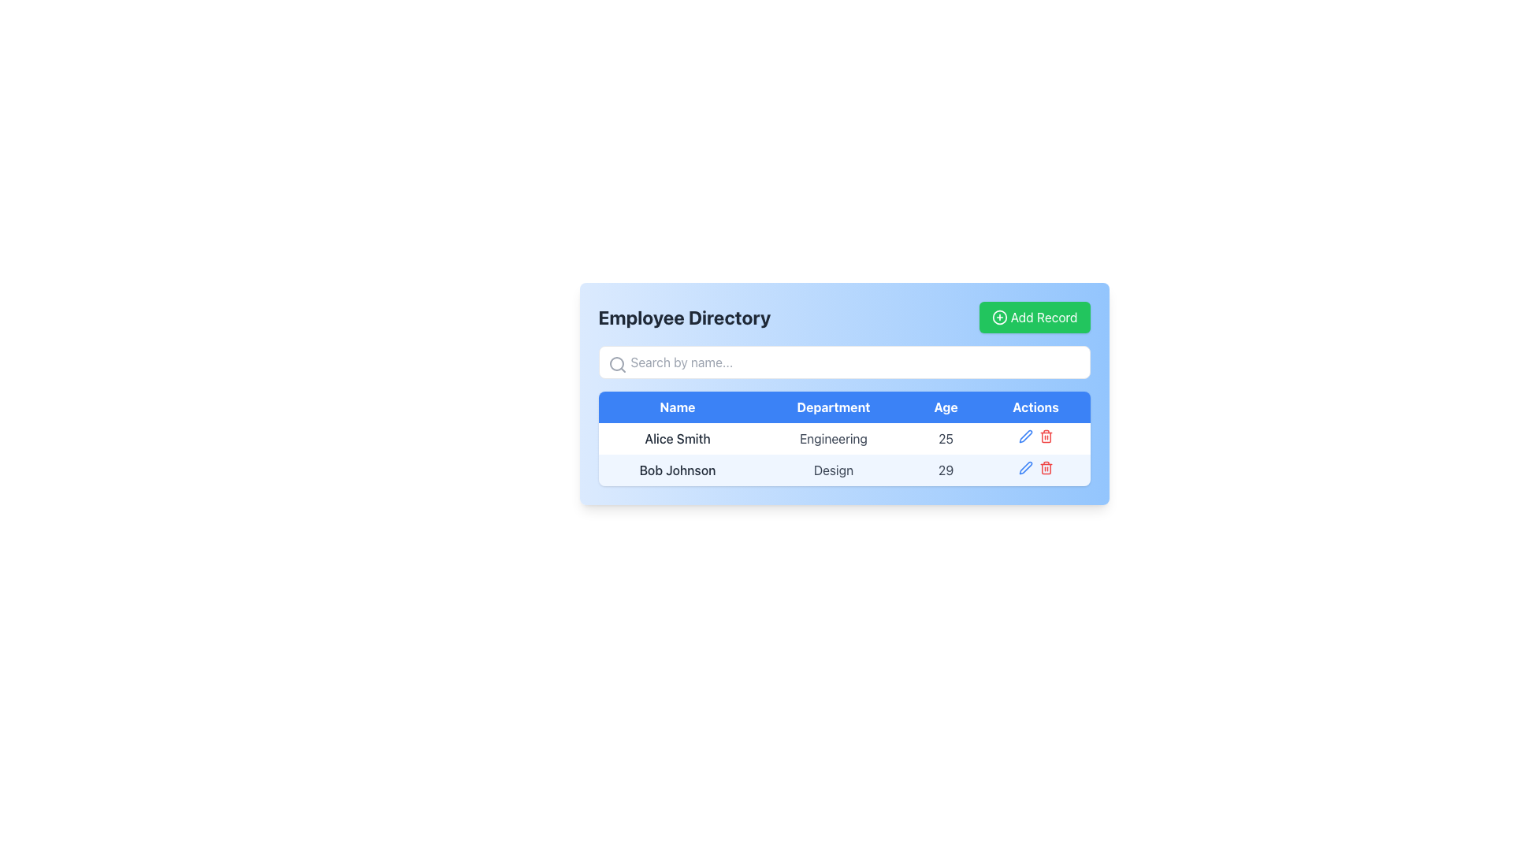 The height and width of the screenshot is (851, 1513). I want to click on the red trash can icon button, so click(1046, 437).